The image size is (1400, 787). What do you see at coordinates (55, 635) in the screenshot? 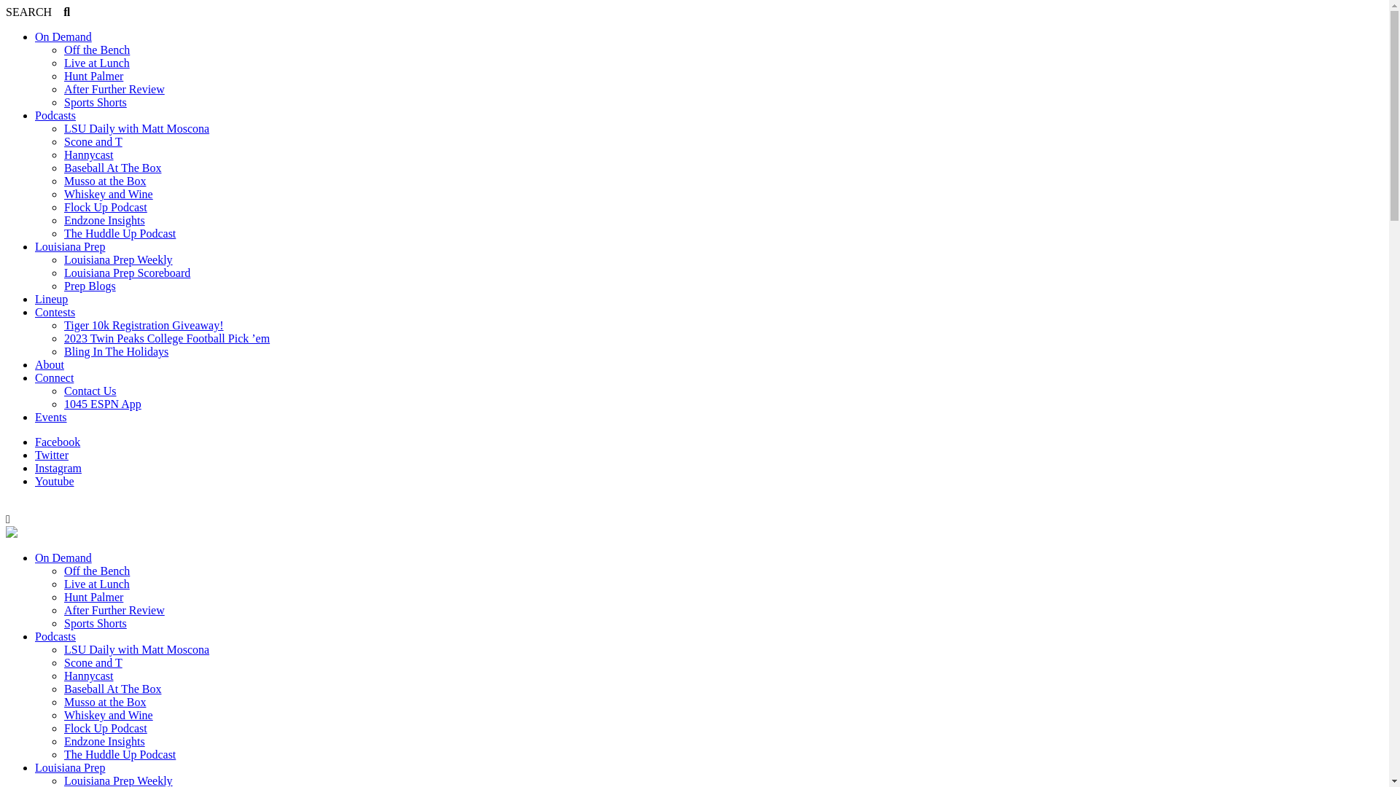
I see `'Podcasts'` at bounding box center [55, 635].